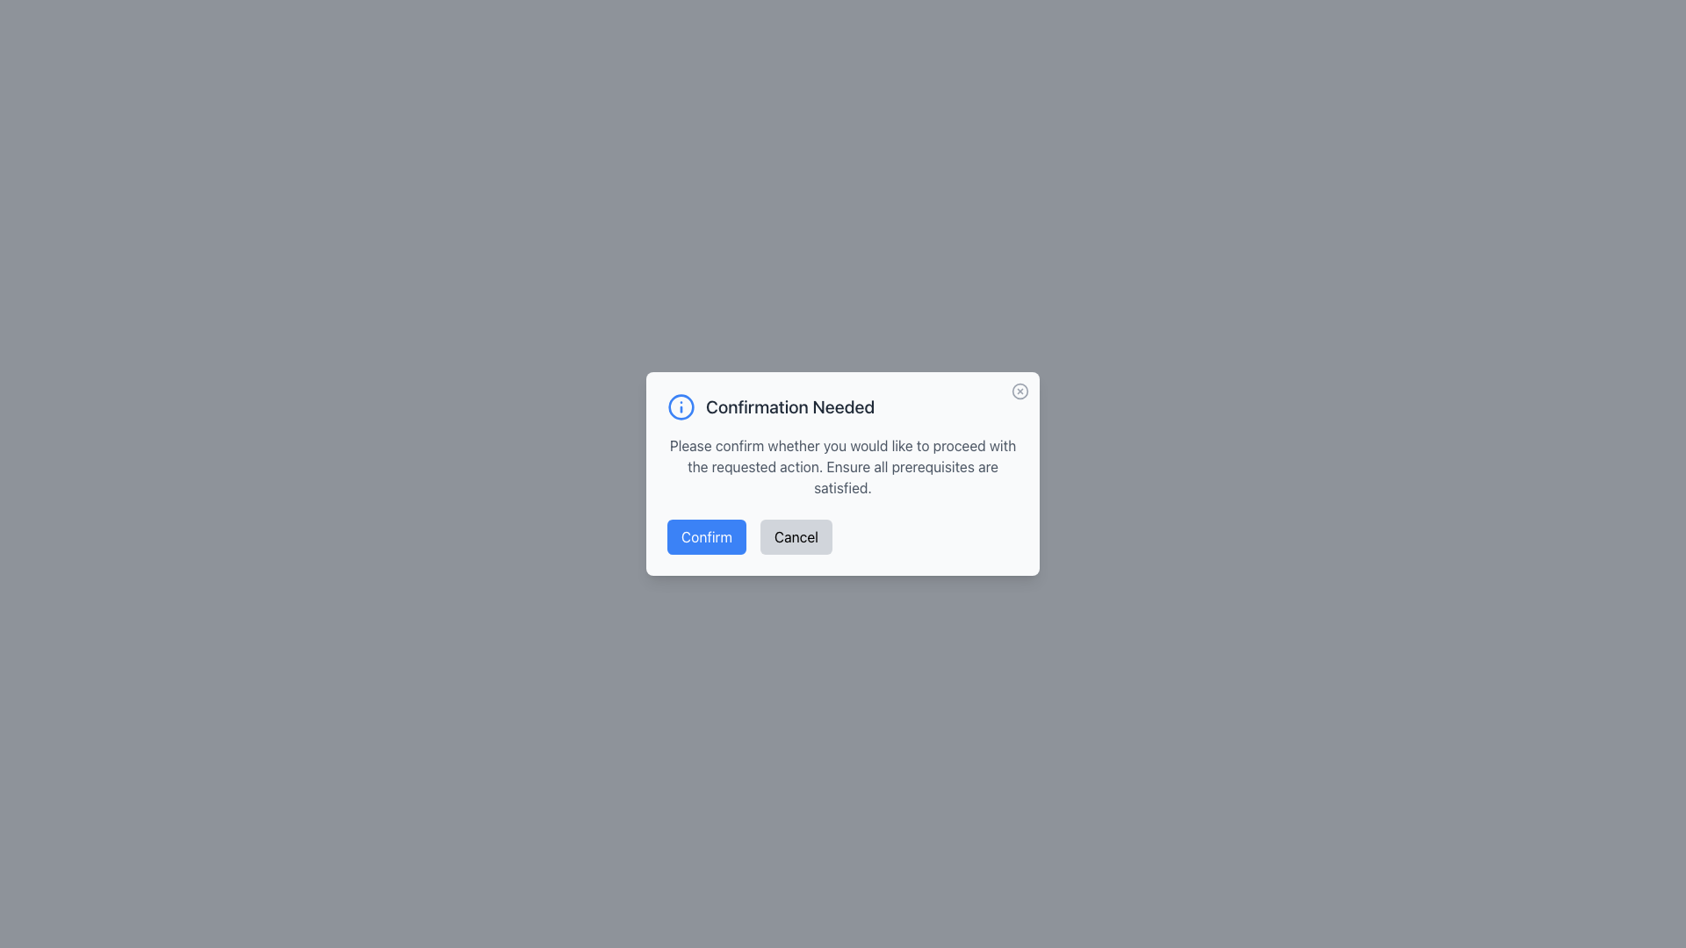  Describe the element at coordinates (1020, 391) in the screenshot. I see `the small circular button with an 'X' icon inside it, located in the top-right corner of the dialog box titled 'Confirmation Needed'` at that location.